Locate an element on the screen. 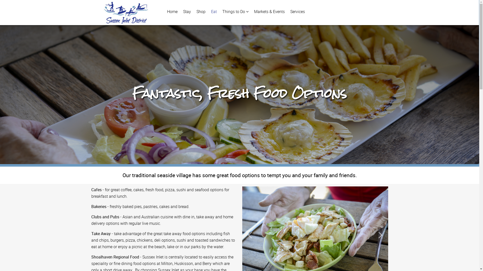 The image size is (483, 271). 'Services' is located at coordinates (297, 11).